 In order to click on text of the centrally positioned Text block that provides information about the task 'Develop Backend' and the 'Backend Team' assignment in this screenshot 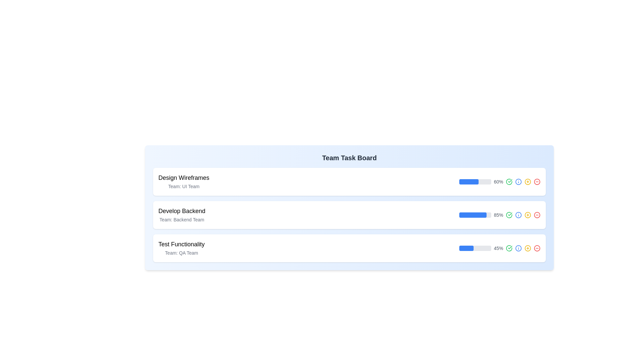, I will do `click(182, 215)`.